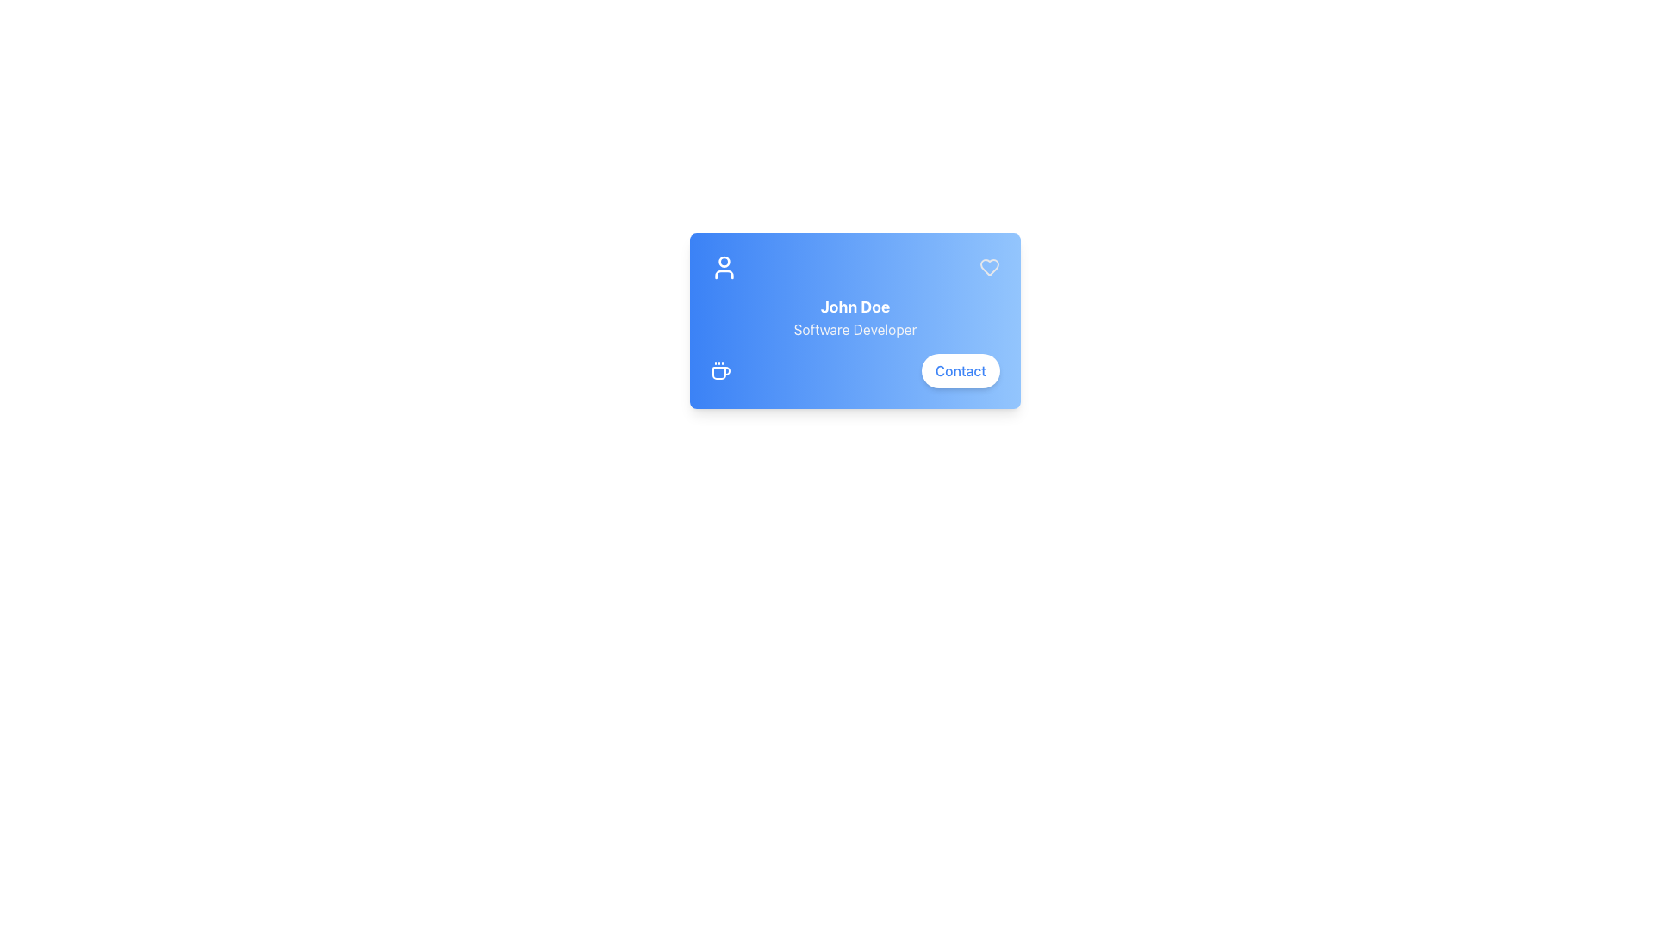  Describe the element at coordinates (720, 370) in the screenshot. I see `the coffee cup icon with steam lines, which is styled with a white outline against a blue background, located within the blue panel below the user icon` at that location.